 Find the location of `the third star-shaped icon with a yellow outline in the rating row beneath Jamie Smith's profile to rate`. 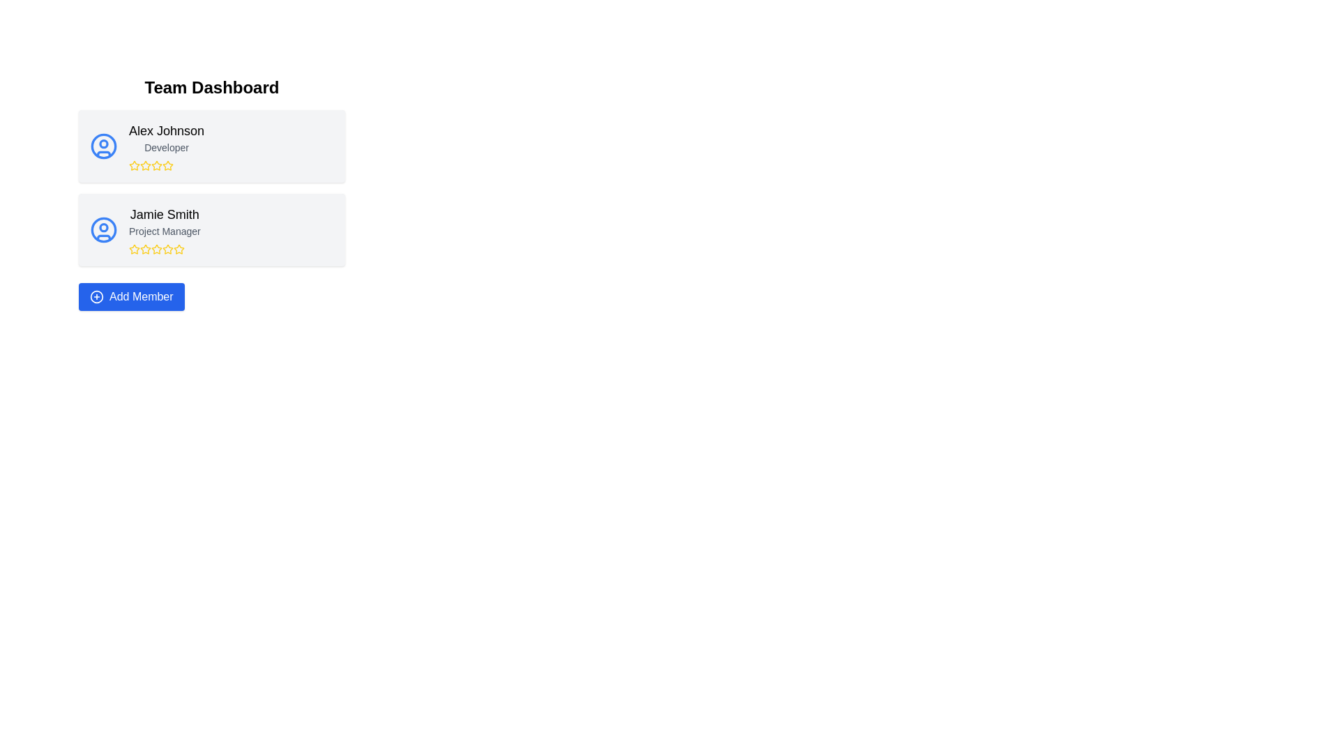

the third star-shaped icon with a yellow outline in the rating row beneath Jamie Smith's profile to rate is located at coordinates (167, 248).